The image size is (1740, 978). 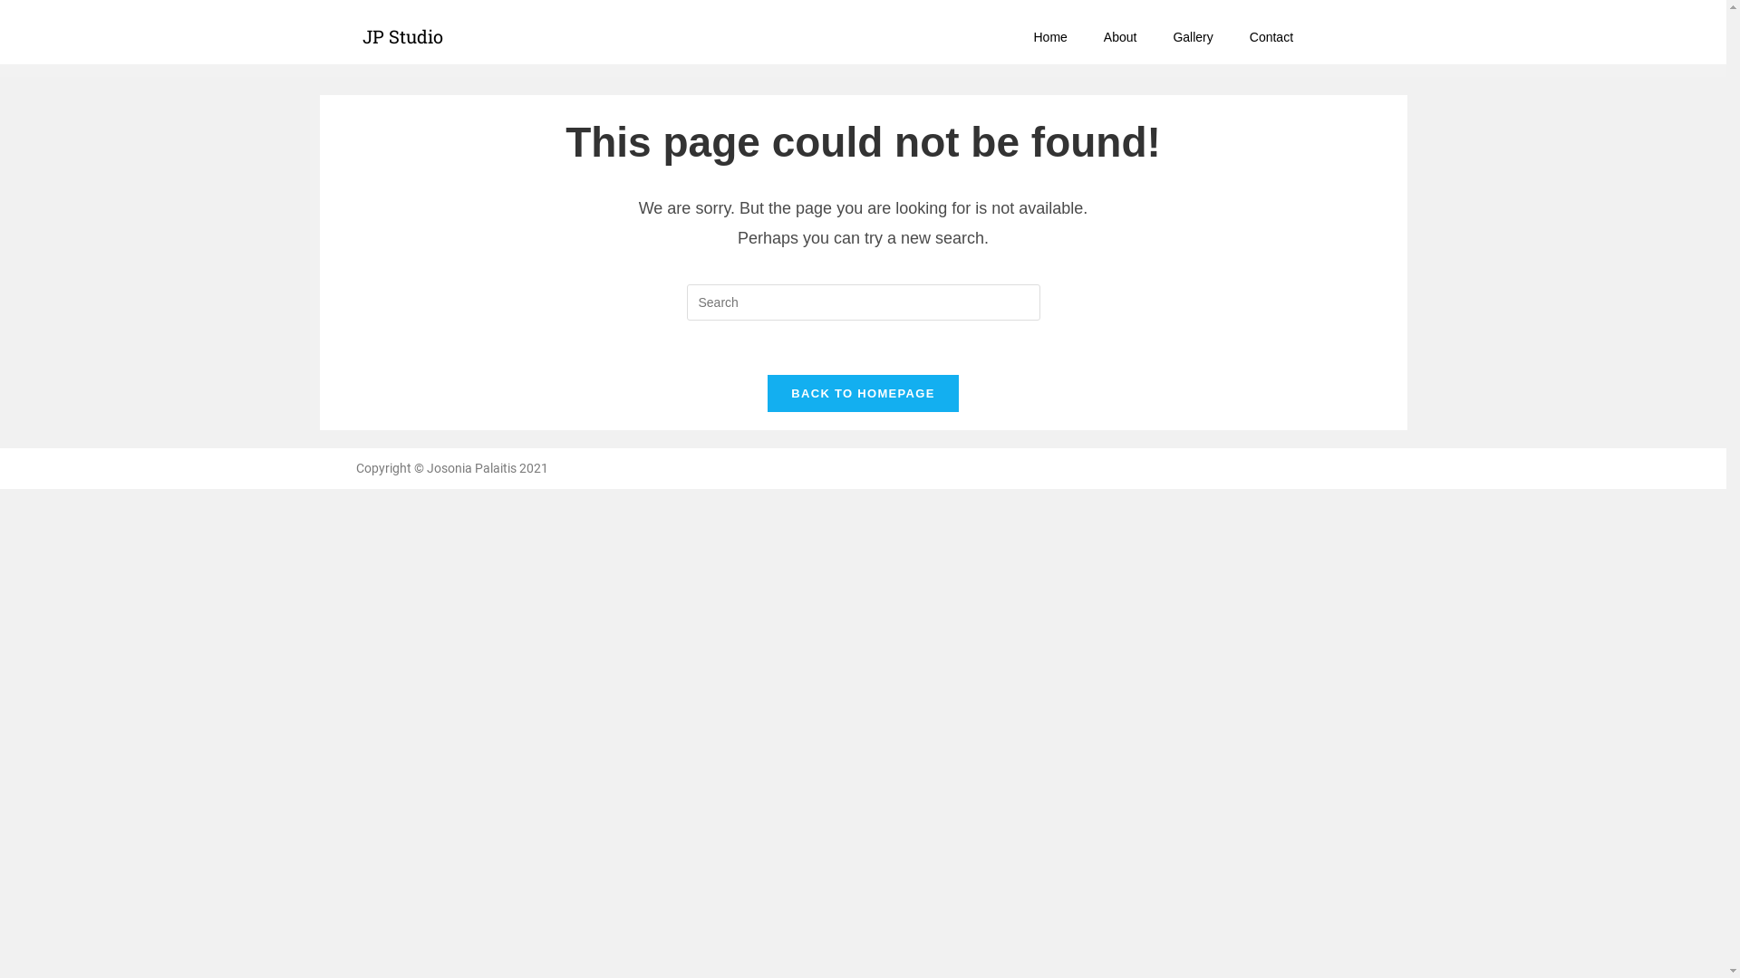 What do you see at coordinates (1049, 37) in the screenshot?
I see `'Home'` at bounding box center [1049, 37].